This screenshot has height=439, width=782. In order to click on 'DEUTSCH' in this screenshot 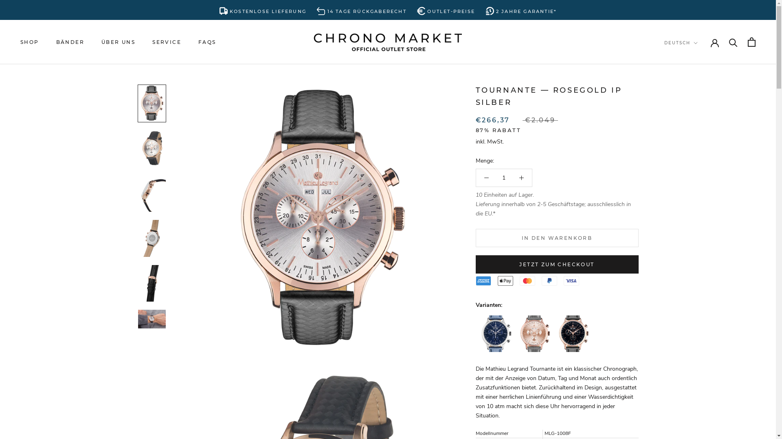, I will do `click(681, 43)`.